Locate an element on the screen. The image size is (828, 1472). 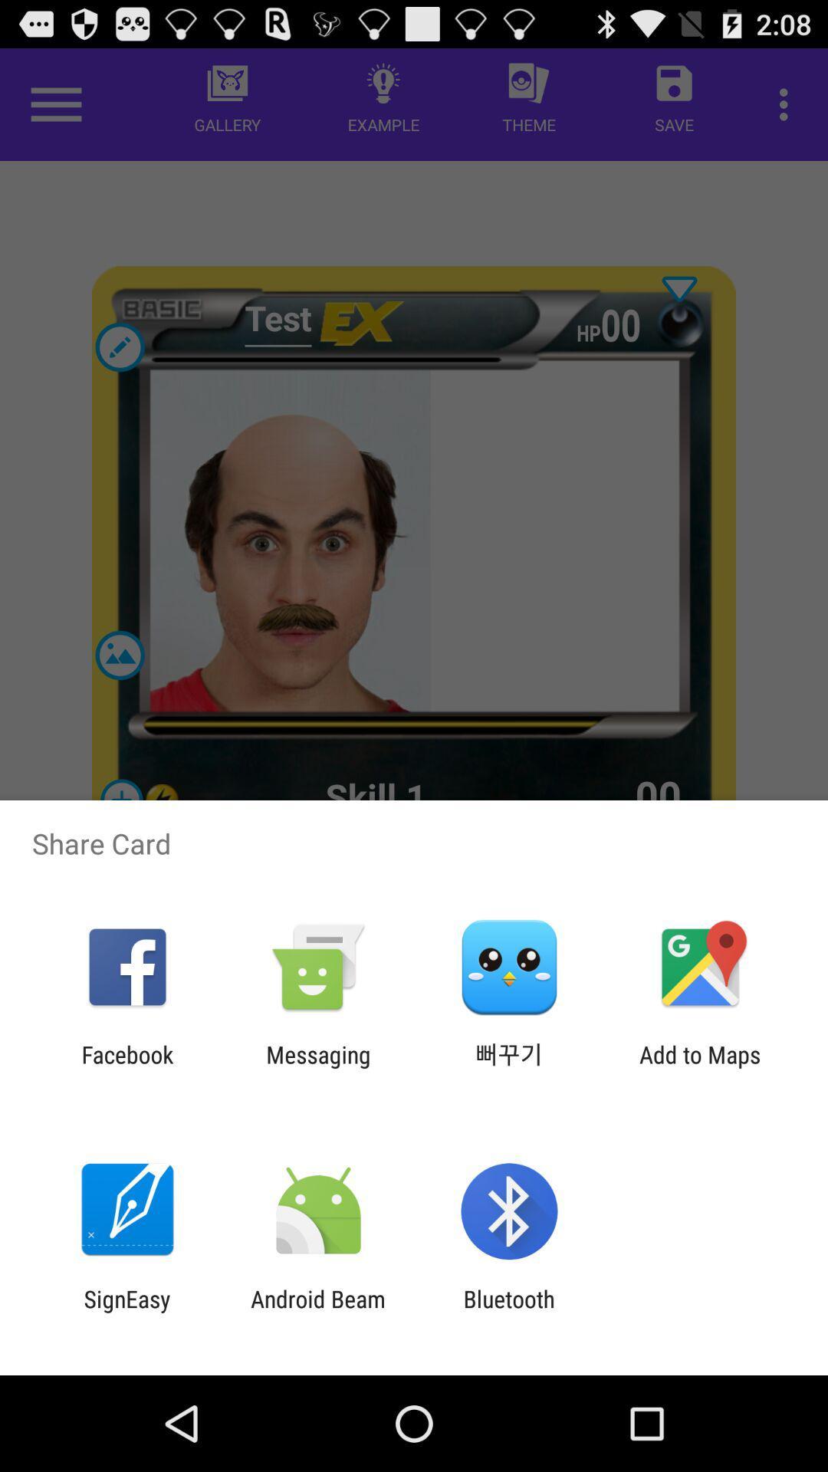
the app next to the android beam icon is located at coordinates (509, 1312).